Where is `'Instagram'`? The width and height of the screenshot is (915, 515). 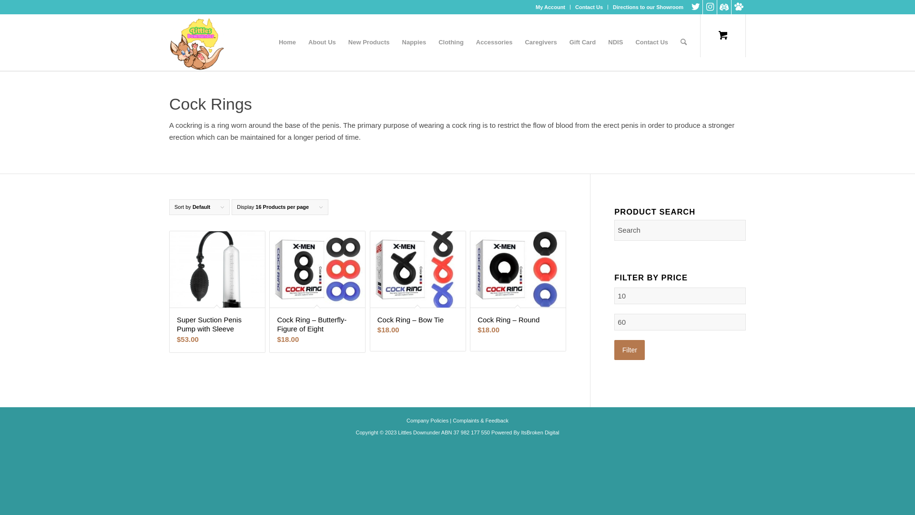 'Instagram' is located at coordinates (710, 7).